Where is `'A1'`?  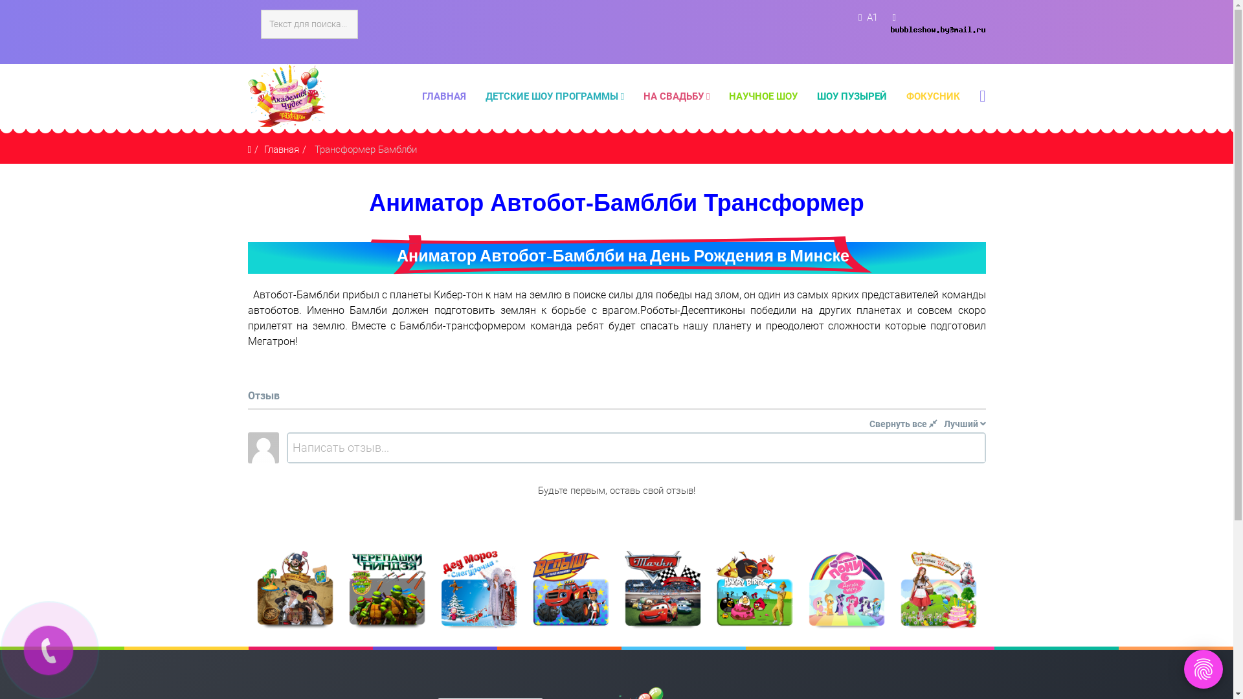 'A1' is located at coordinates (871, 17).